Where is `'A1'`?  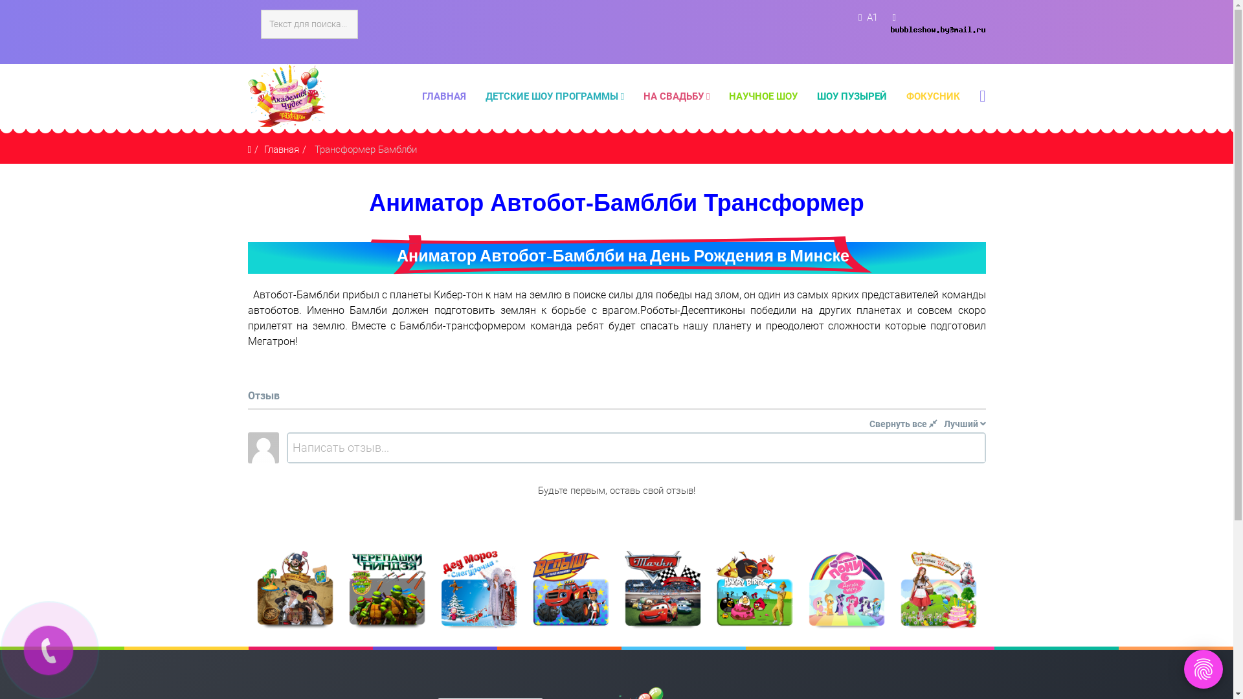 'A1' is located at coordinates (871, 17).